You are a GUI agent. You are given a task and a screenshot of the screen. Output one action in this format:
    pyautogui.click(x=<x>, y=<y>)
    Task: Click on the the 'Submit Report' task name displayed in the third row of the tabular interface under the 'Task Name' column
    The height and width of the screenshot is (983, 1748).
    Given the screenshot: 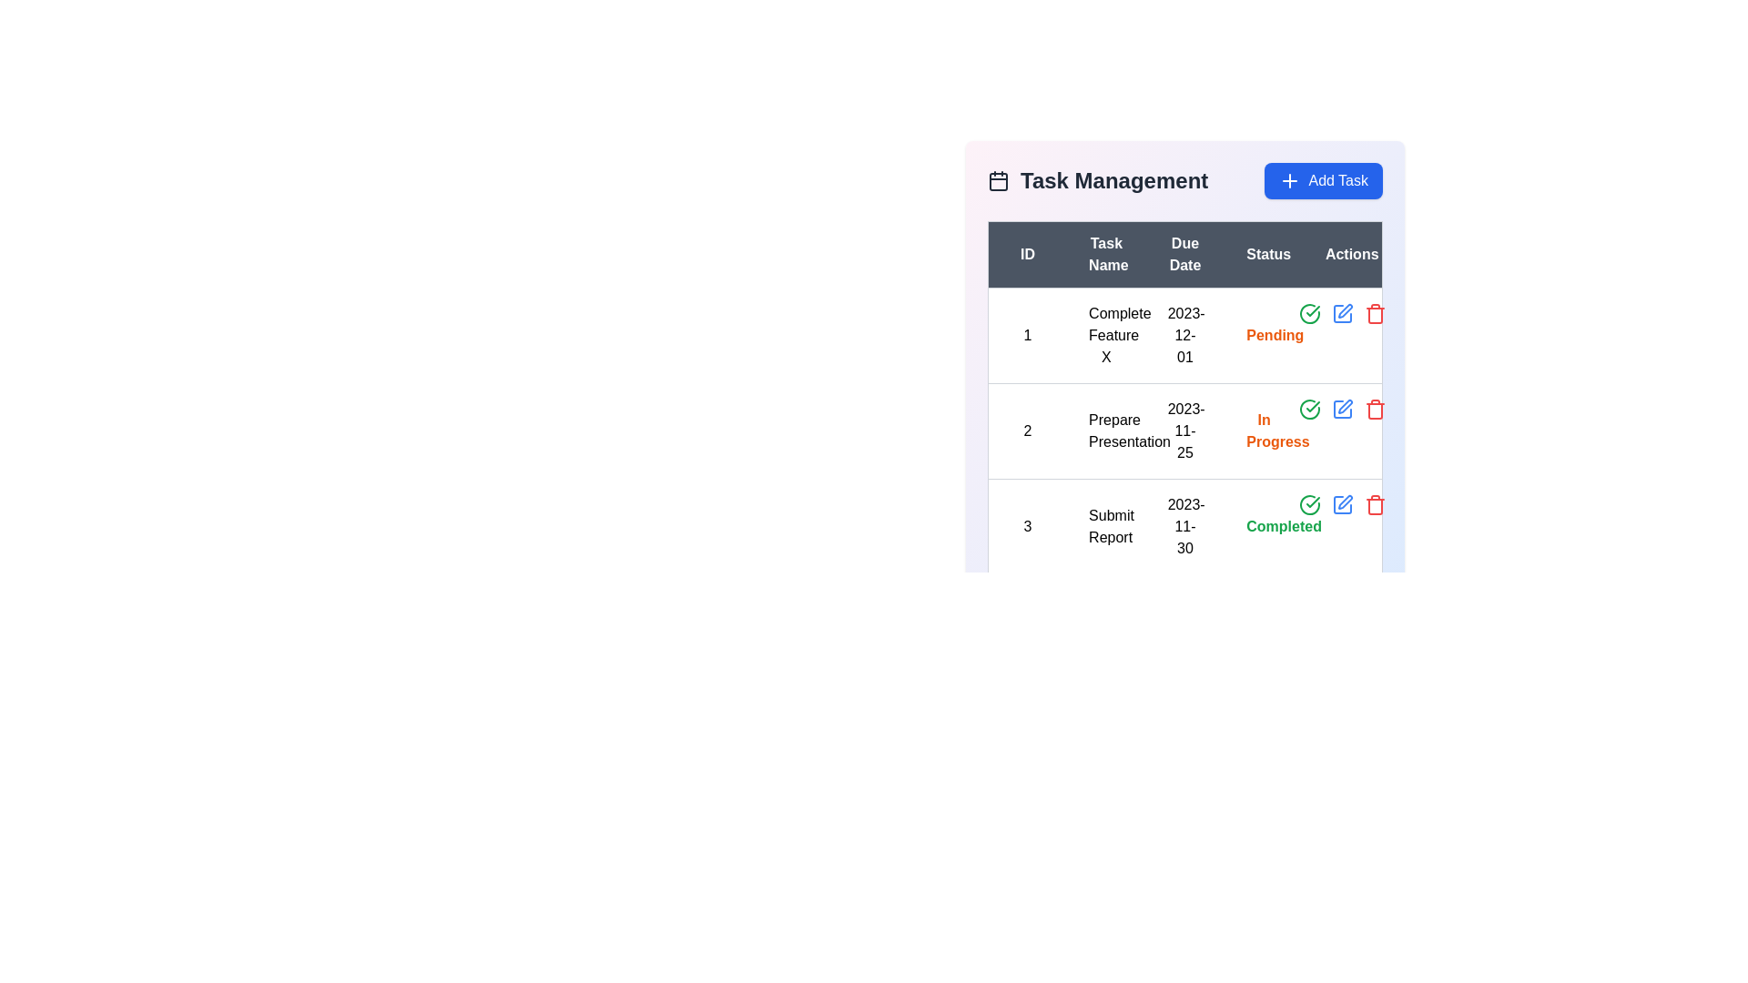 What is the action you would take?
    pyautogui.click(x=1105, y=526)
    